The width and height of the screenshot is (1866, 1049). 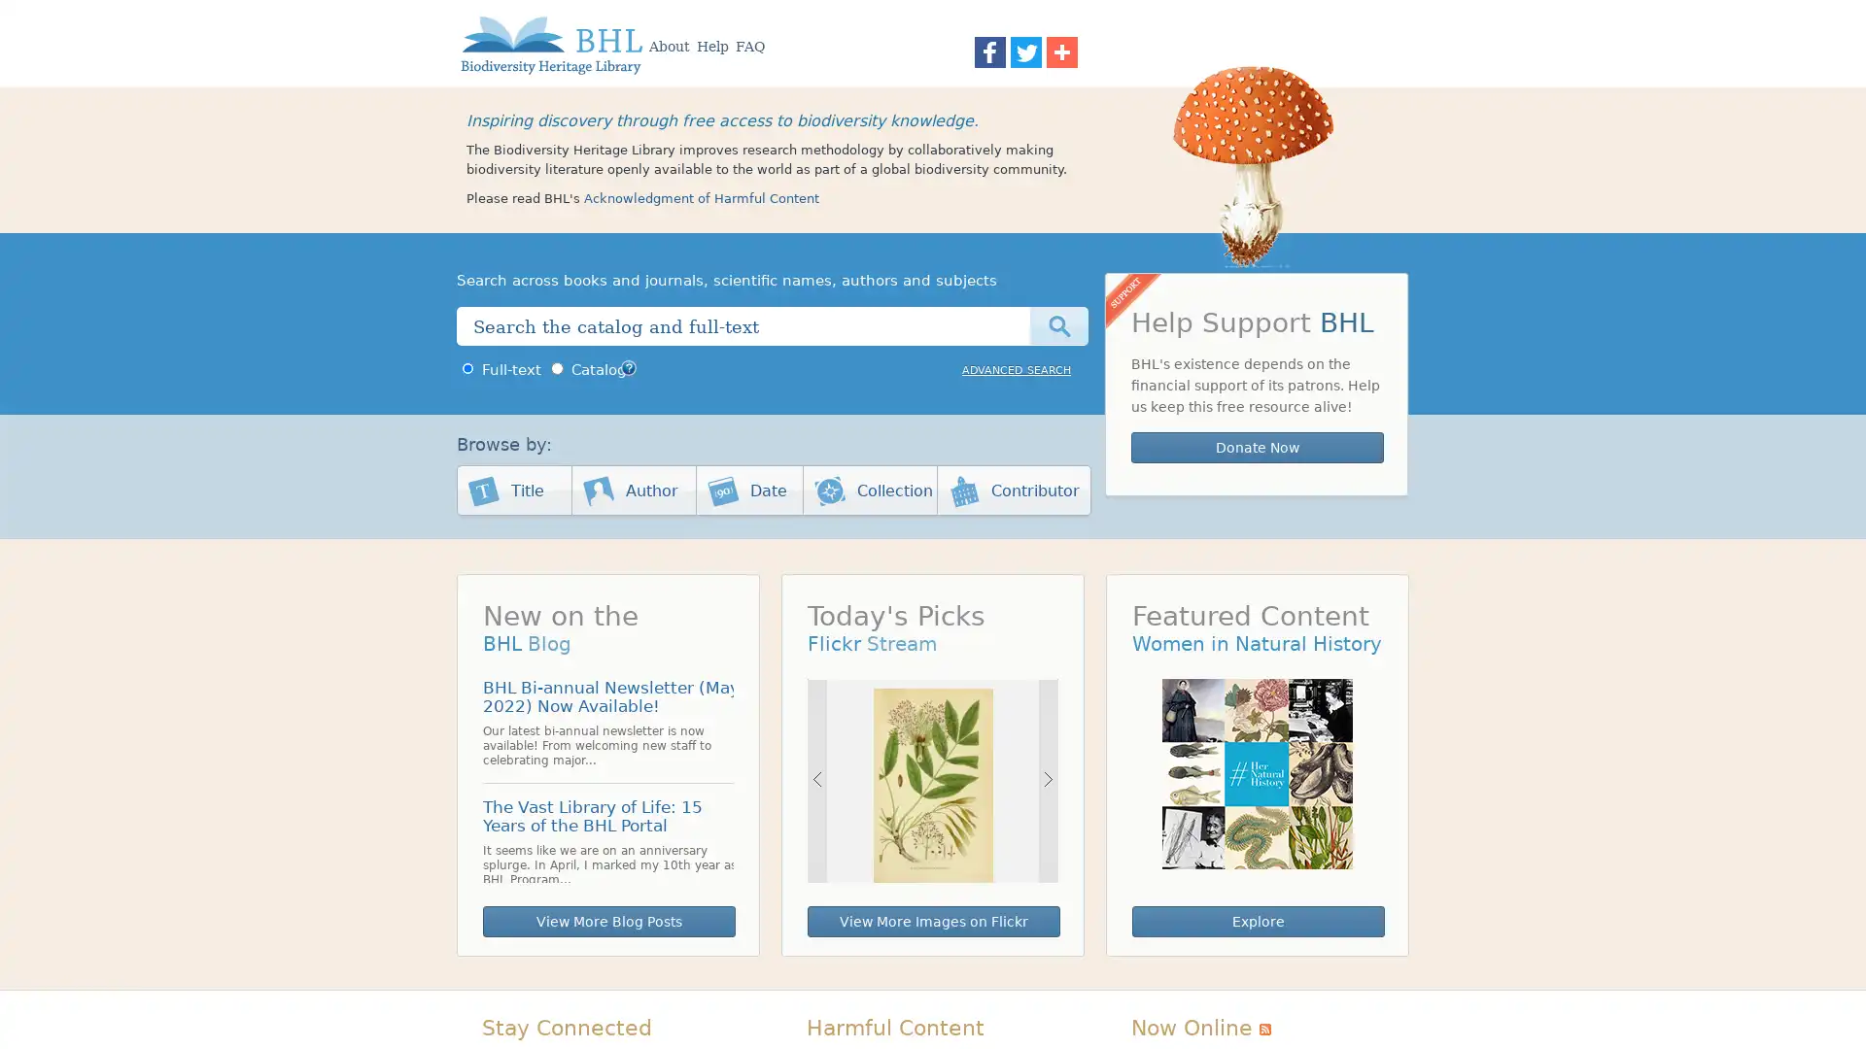 What do you see at coordinates (1025, 51) in the screenshot?
I see `Share to Twitter` at bounding box center [1025, 51].